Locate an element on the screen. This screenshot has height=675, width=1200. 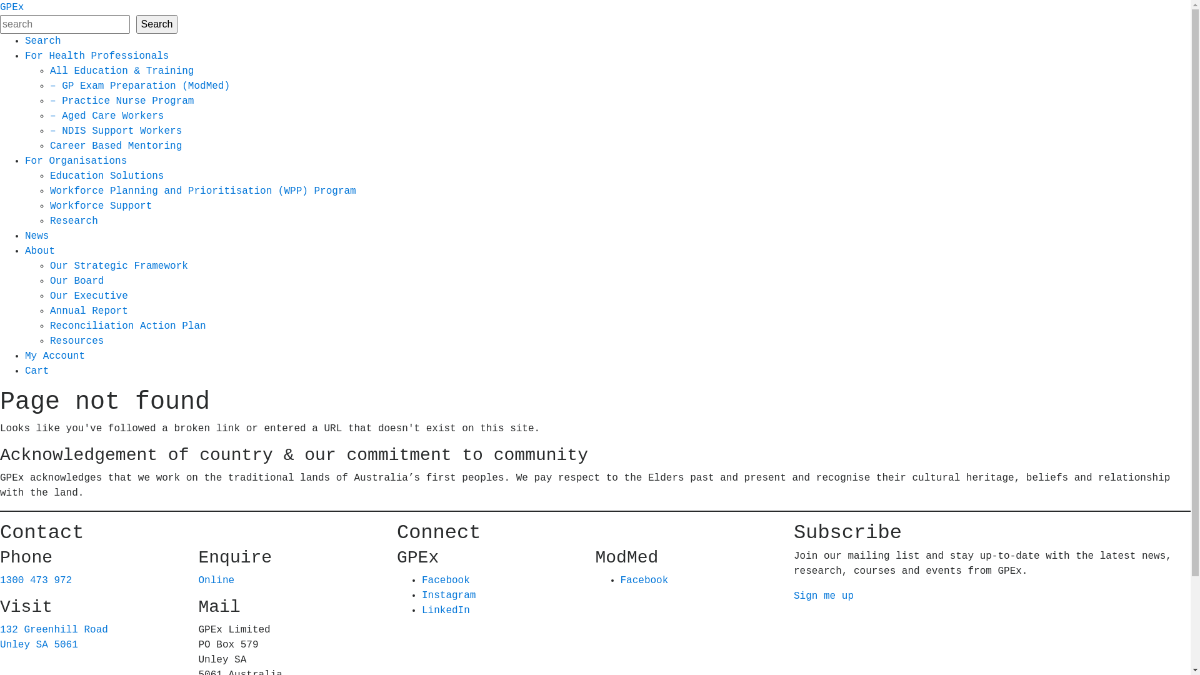
'132 Greenhill Road is located at coordinates (53, 637).